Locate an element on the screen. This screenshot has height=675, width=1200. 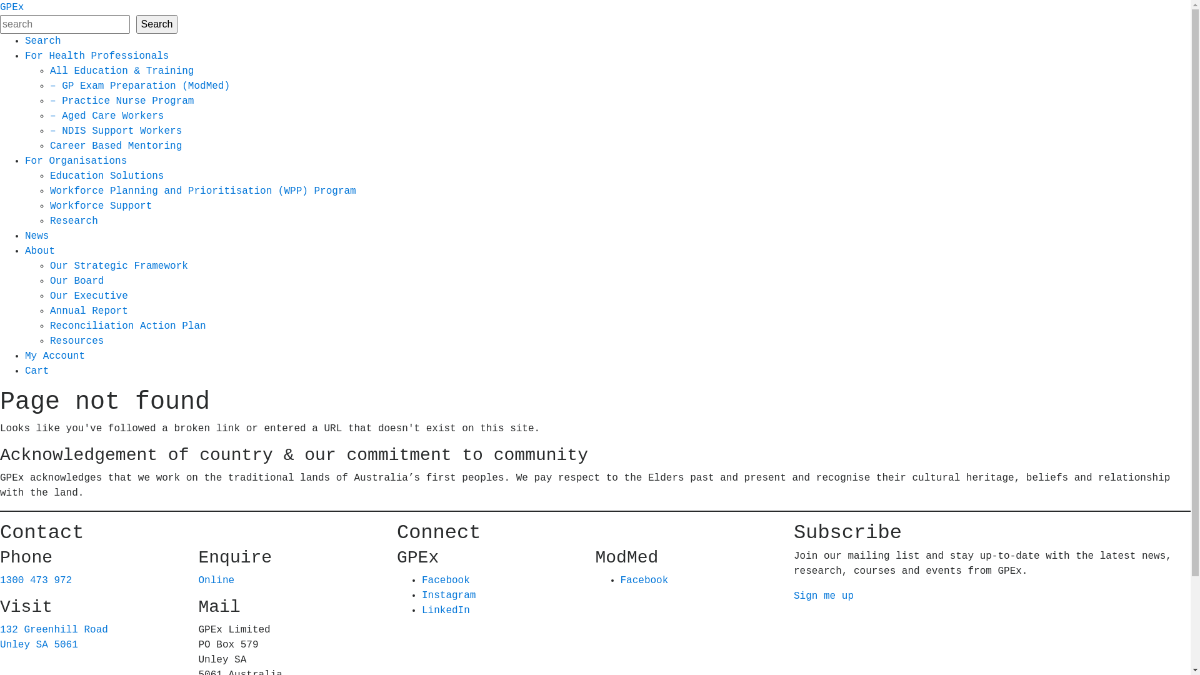
'132 Greenhill Road is located at coordinates (53, 637).